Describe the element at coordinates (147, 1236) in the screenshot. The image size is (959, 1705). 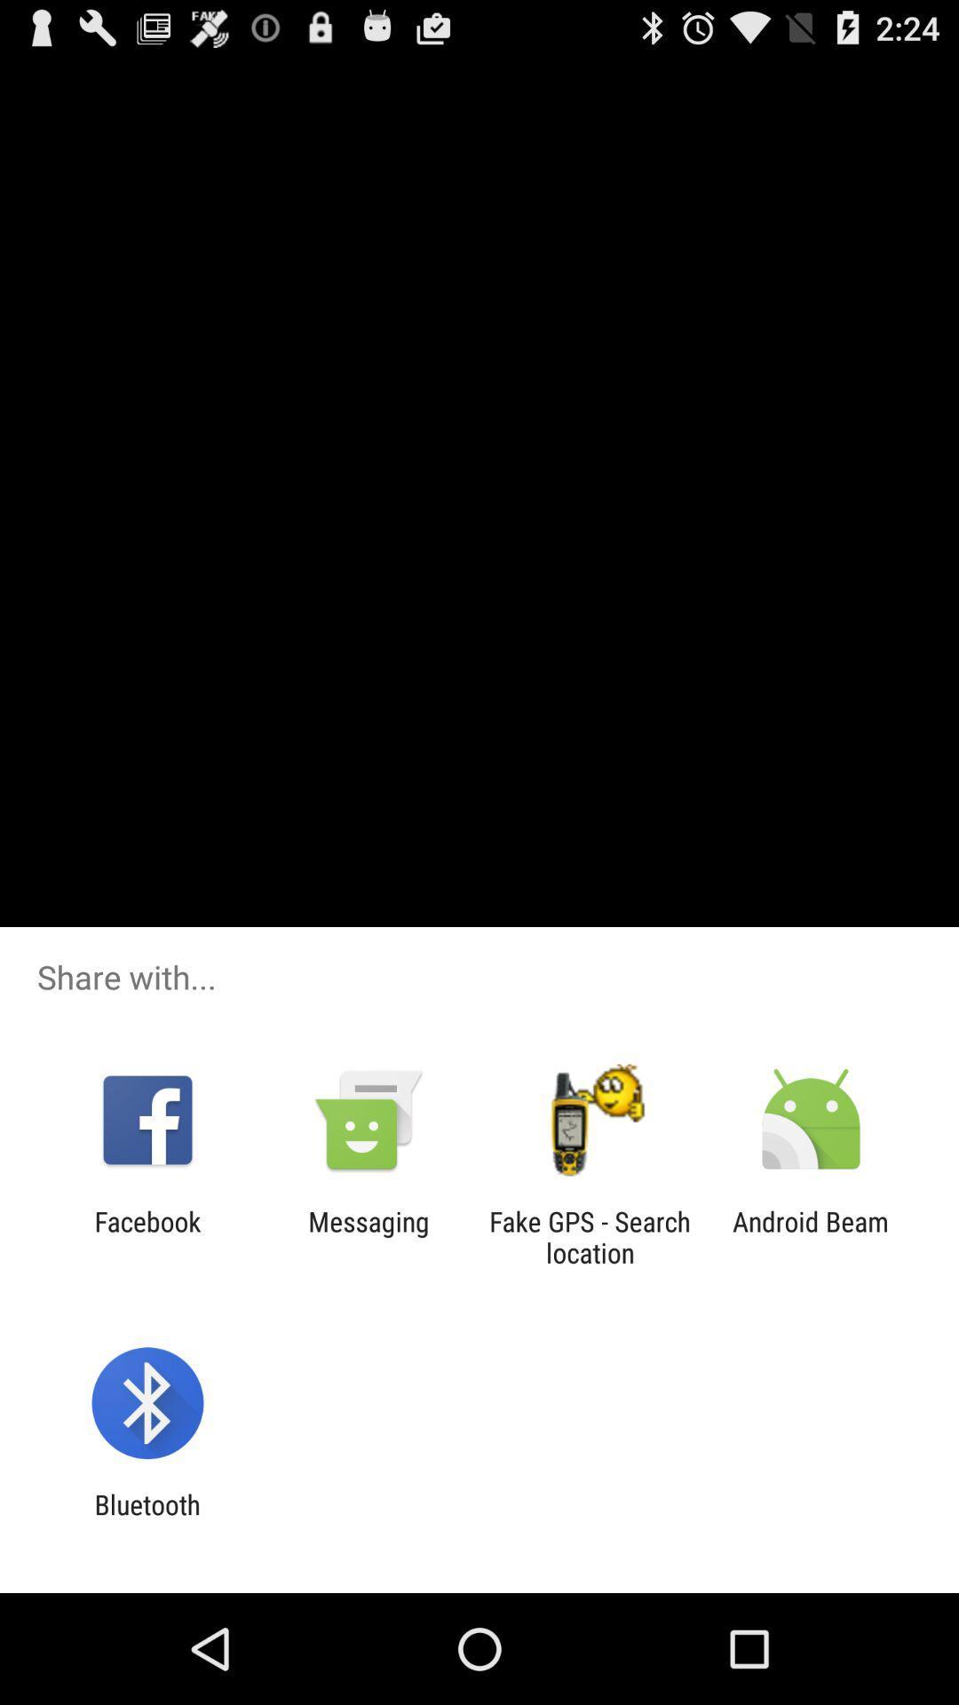
I see `icon to the left of messaging item` at that location.